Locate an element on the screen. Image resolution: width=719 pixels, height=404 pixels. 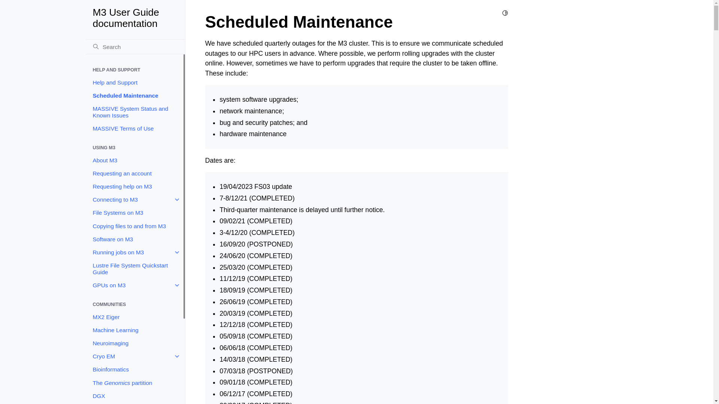
'Lustre File System Quickstart Guide' is located at coordinates (135, 268).